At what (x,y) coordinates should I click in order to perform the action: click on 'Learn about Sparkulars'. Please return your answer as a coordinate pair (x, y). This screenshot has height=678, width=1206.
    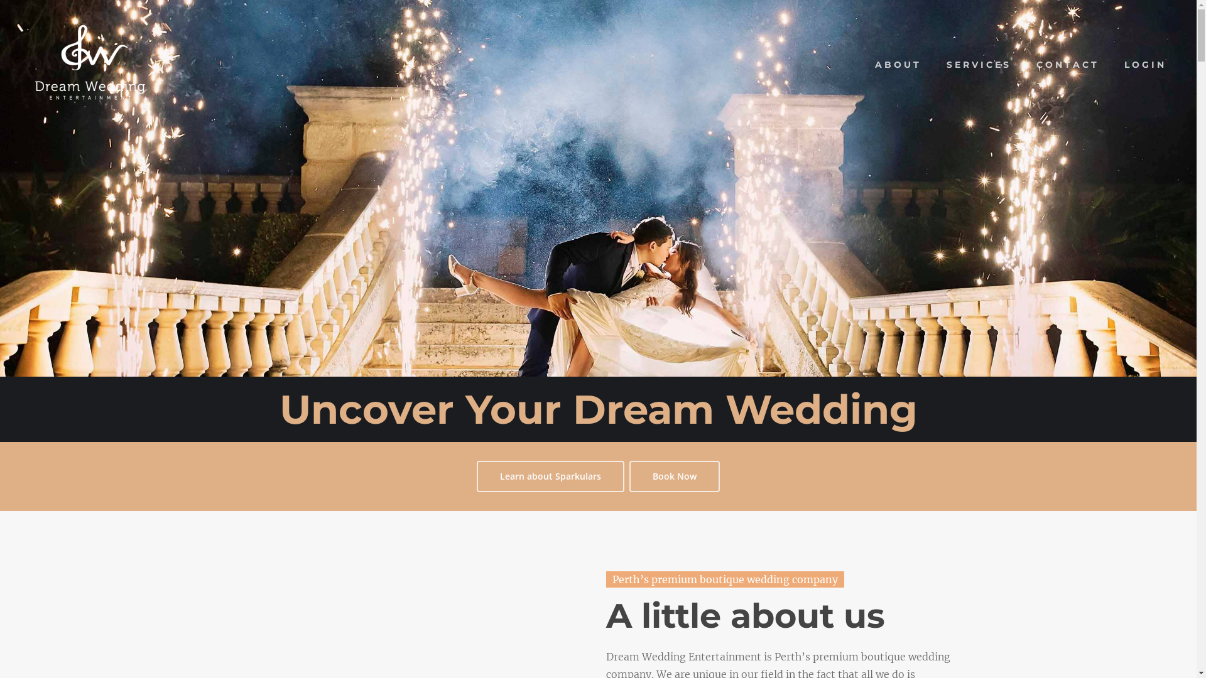
    Looking at the image, I should click on (550, 476).